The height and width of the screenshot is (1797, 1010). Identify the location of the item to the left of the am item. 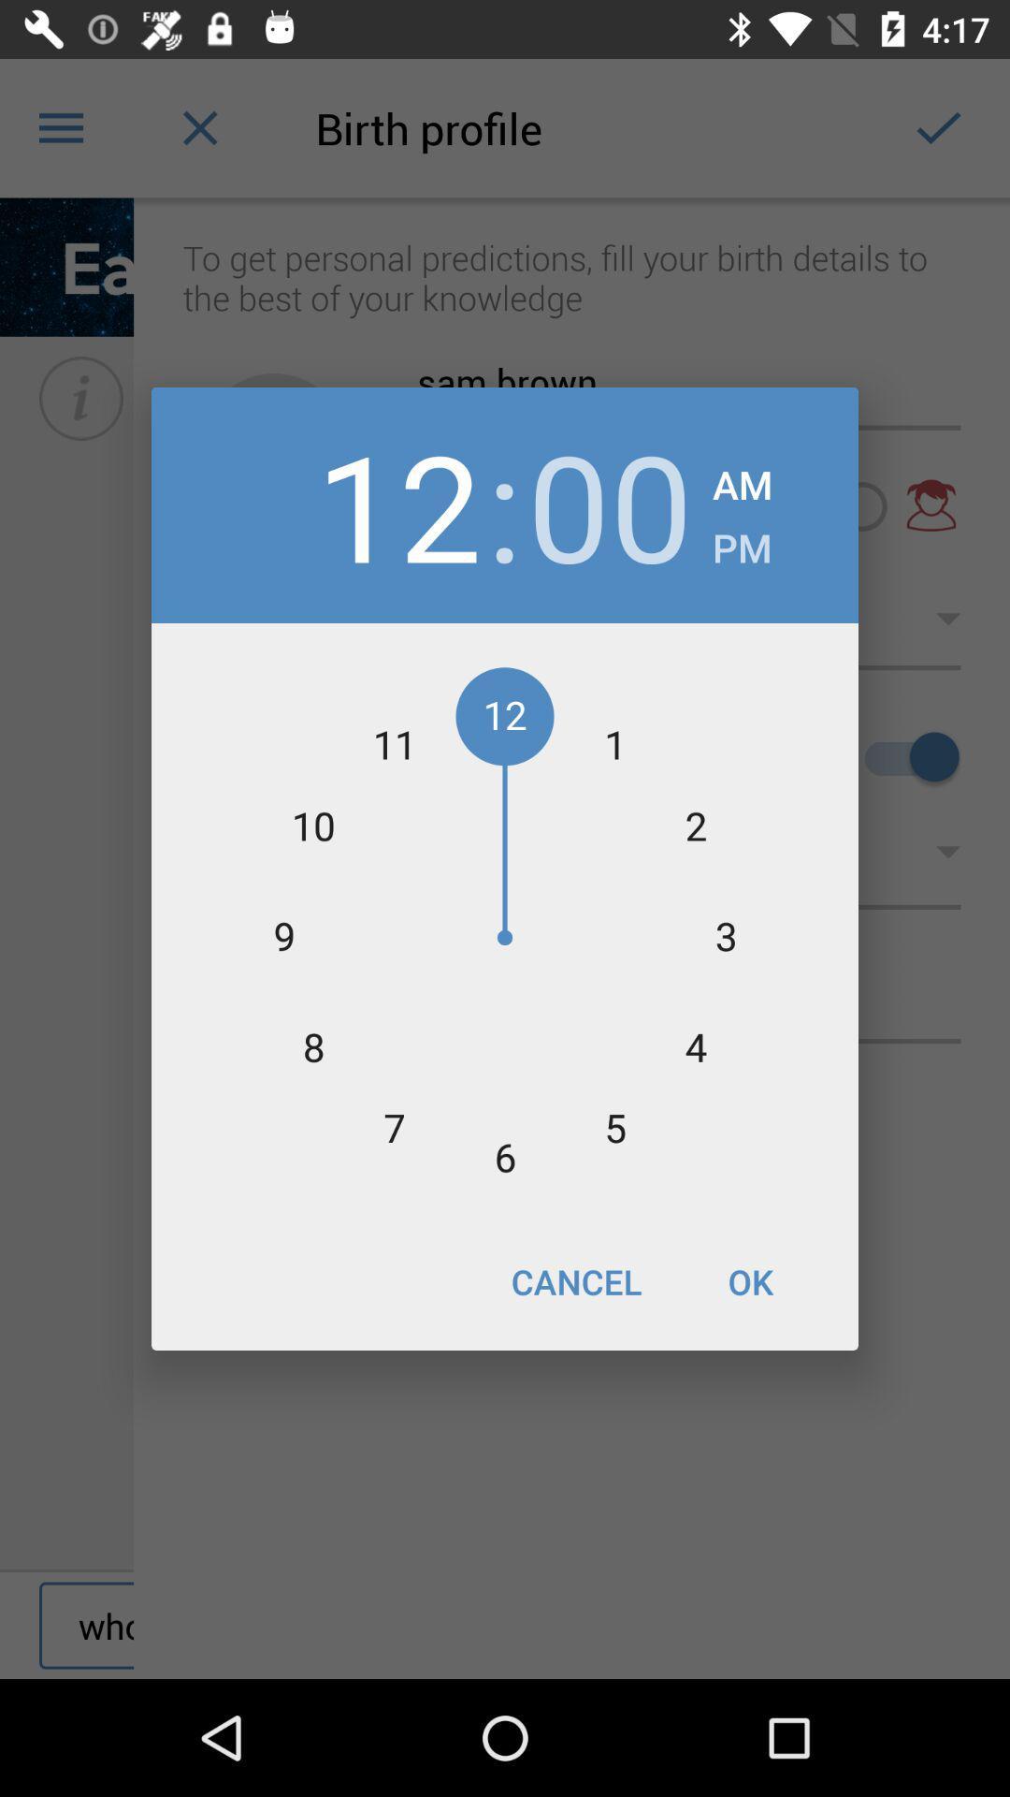
(610, 504).